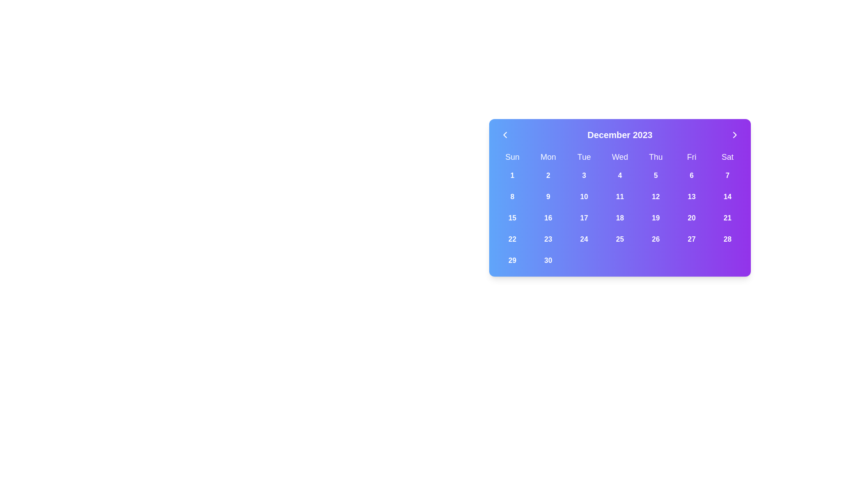  Describe the element at coordinates (656, 218) in the screenshot. I see `the square button with a dark purple background and '19' in white text, located in the fourth row and fifth column of the calendar grid` at that location.